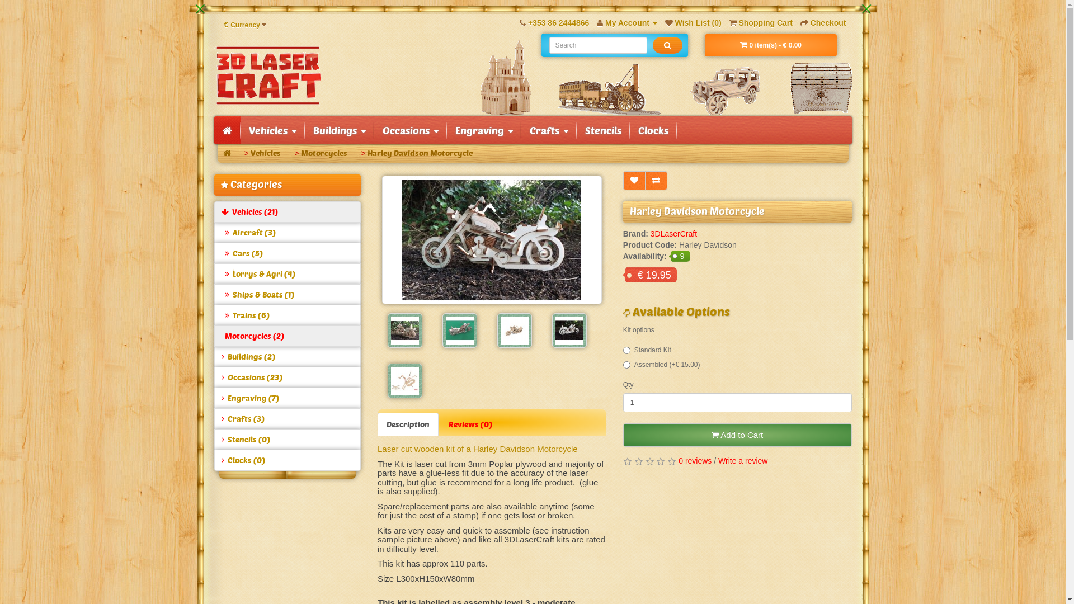 The height and width of the screenshot is (604, 1074). I want to click on '    Trains (6)', so click(287, 315).